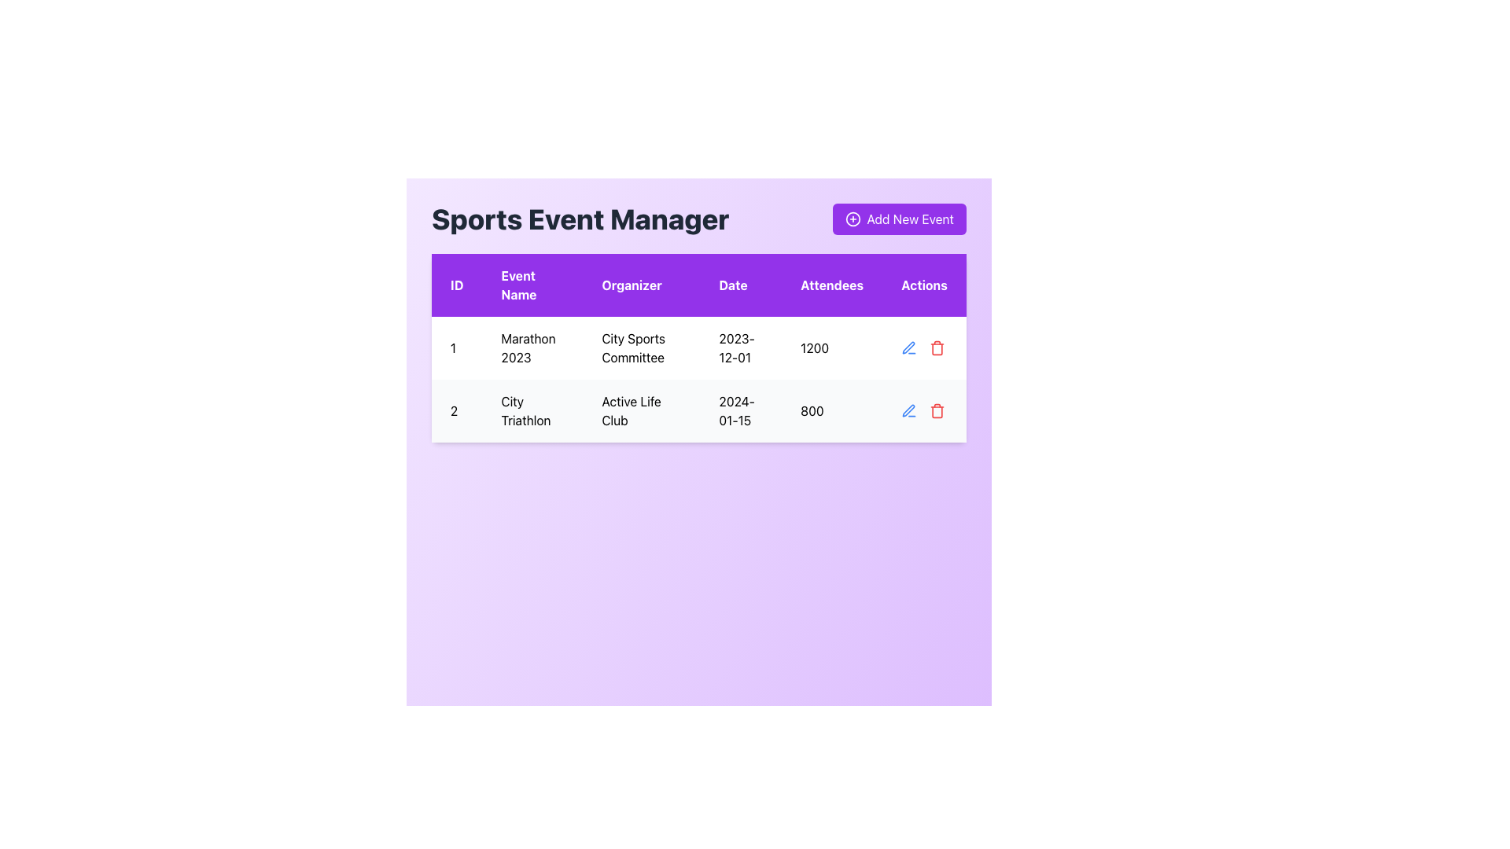 This screenshot has height=849, width=1510. I want to click on the editing icon located in the 'Actions' column of the second row of the table to initiate editing, so click(908, 347).